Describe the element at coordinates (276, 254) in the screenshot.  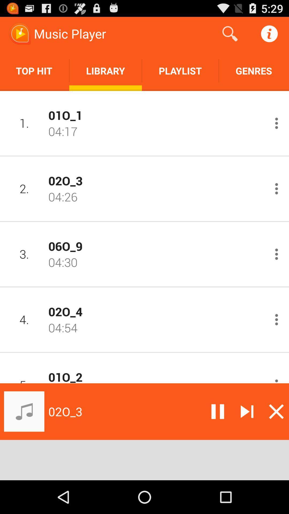
I see `more options` at that location.